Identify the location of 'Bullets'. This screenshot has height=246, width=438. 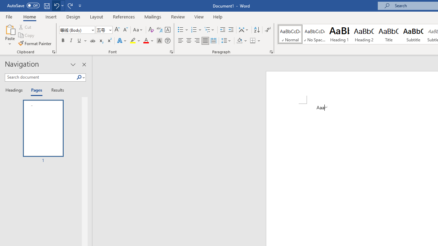
(183, 29).